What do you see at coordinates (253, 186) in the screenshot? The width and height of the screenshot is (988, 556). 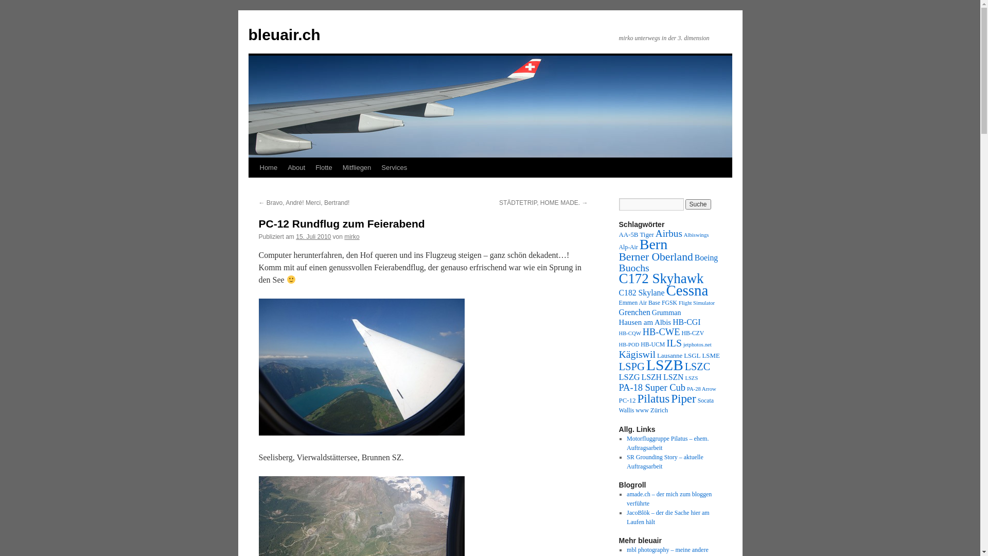 I see `'Zum Inhalt springen'` at bounding box center [253, 186].